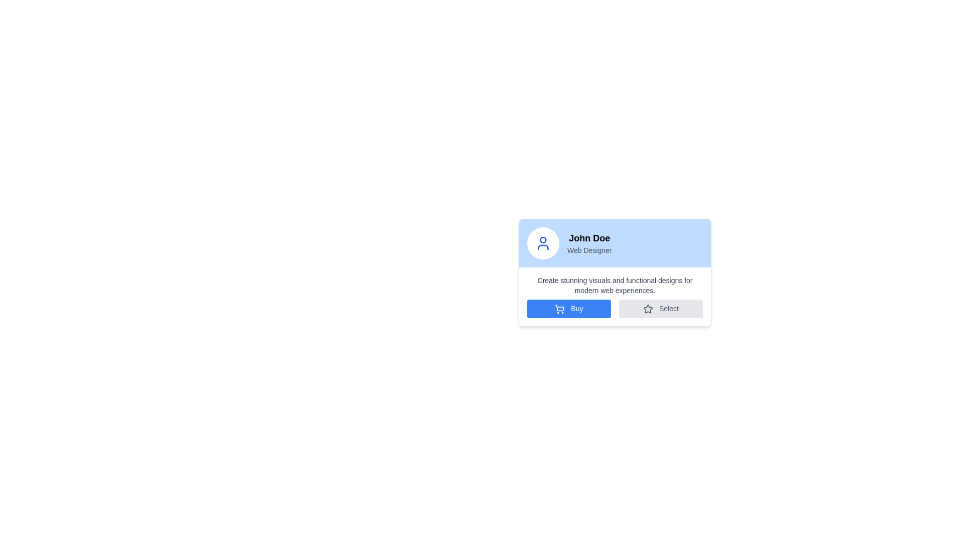  What do you see at coordinates (589, 238) in the screenshot?
I see `the text label displaying the user profile name, located in the upper-middle area of the profile card, directly above the 'Web Designer' label` at bounding box center [589, 238].